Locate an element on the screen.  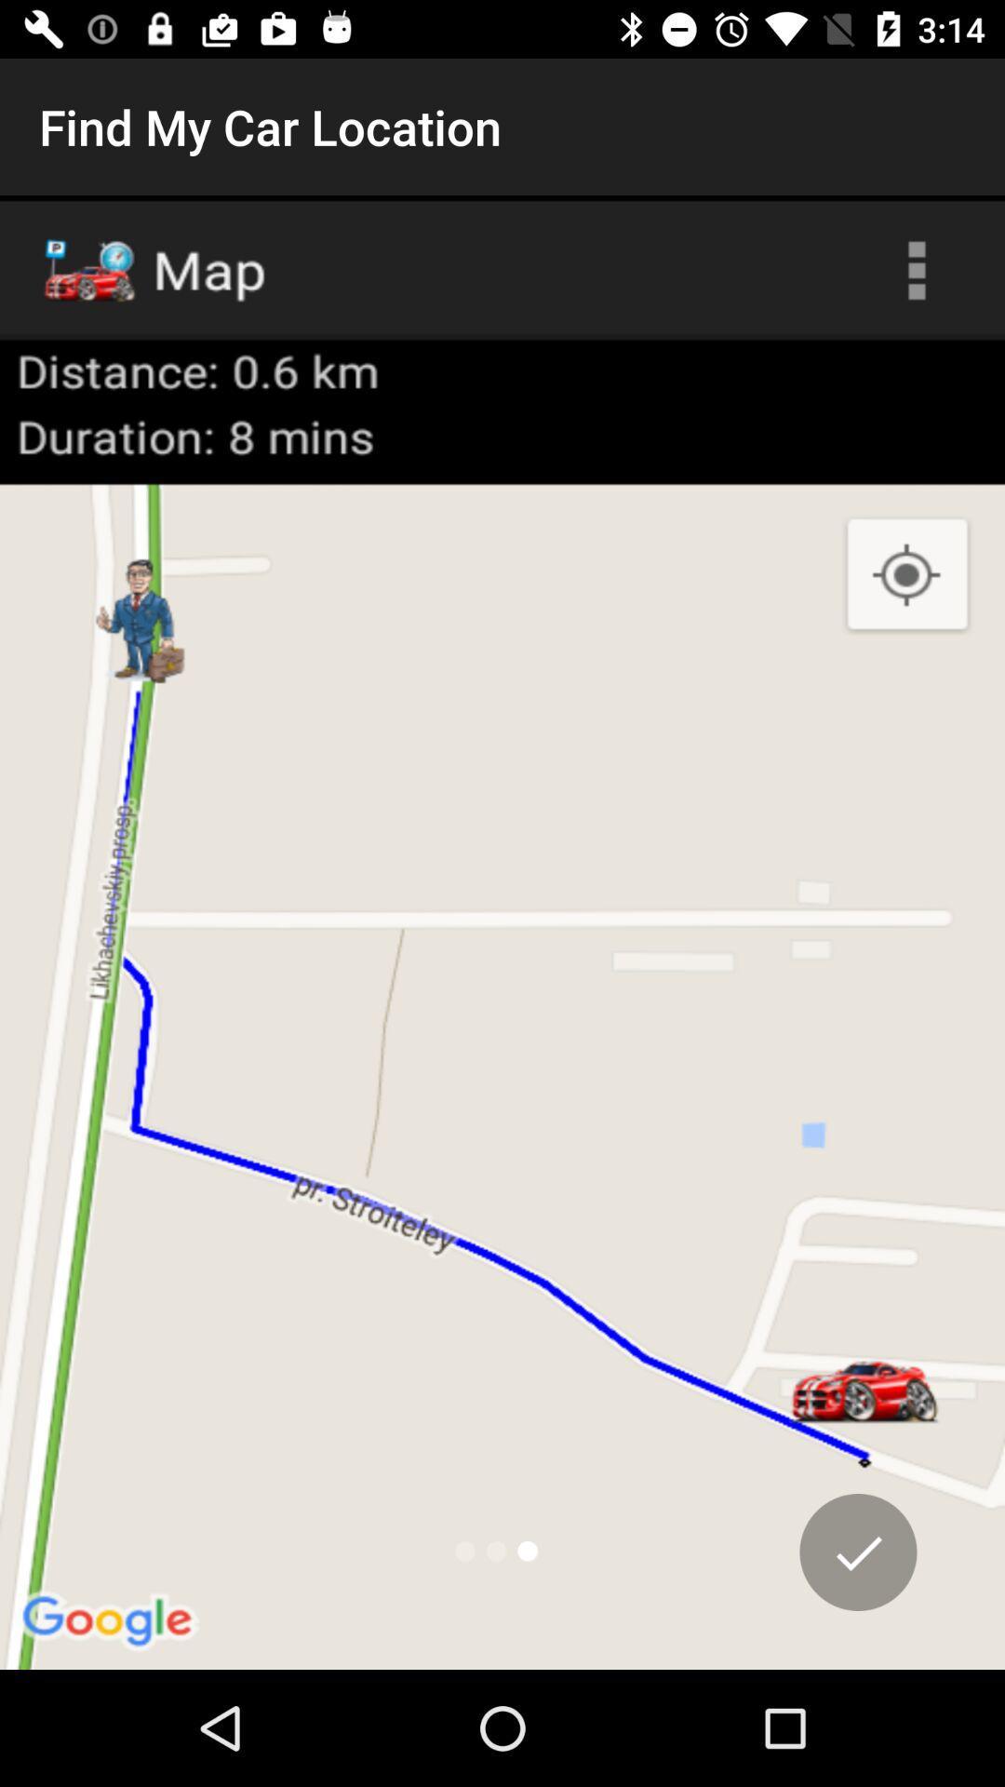
ok is located at coordinates (858, 1552).